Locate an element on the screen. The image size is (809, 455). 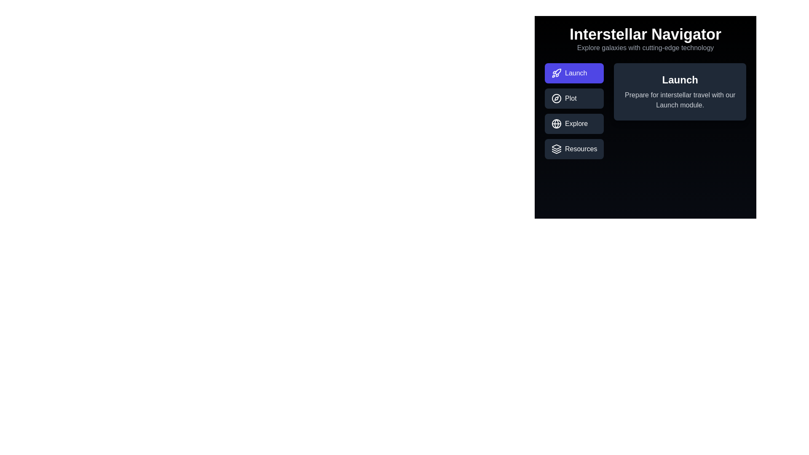
the tab labeled Resources to observe the visual feedback is located at coordinates (574, 149).